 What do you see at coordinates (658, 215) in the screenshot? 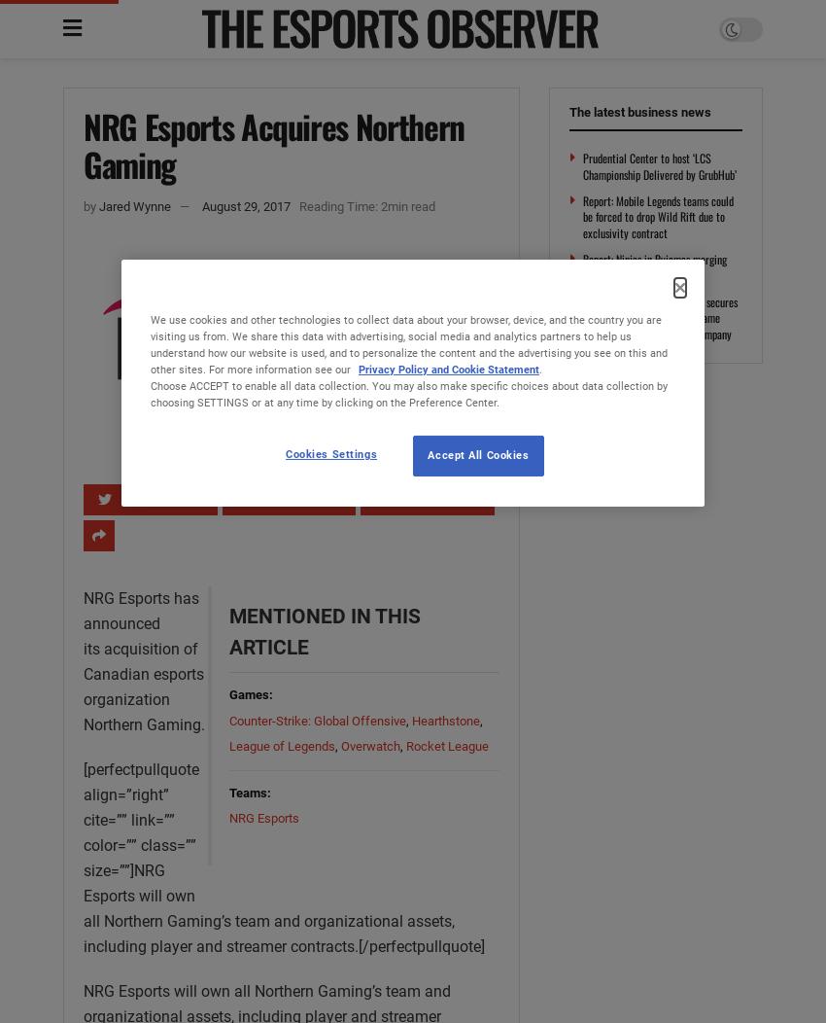
I see `'Report: Mobile Legends teams could be forced to drop Wild Rift due to exclusivity contract'` at bounding box center [658, 215].